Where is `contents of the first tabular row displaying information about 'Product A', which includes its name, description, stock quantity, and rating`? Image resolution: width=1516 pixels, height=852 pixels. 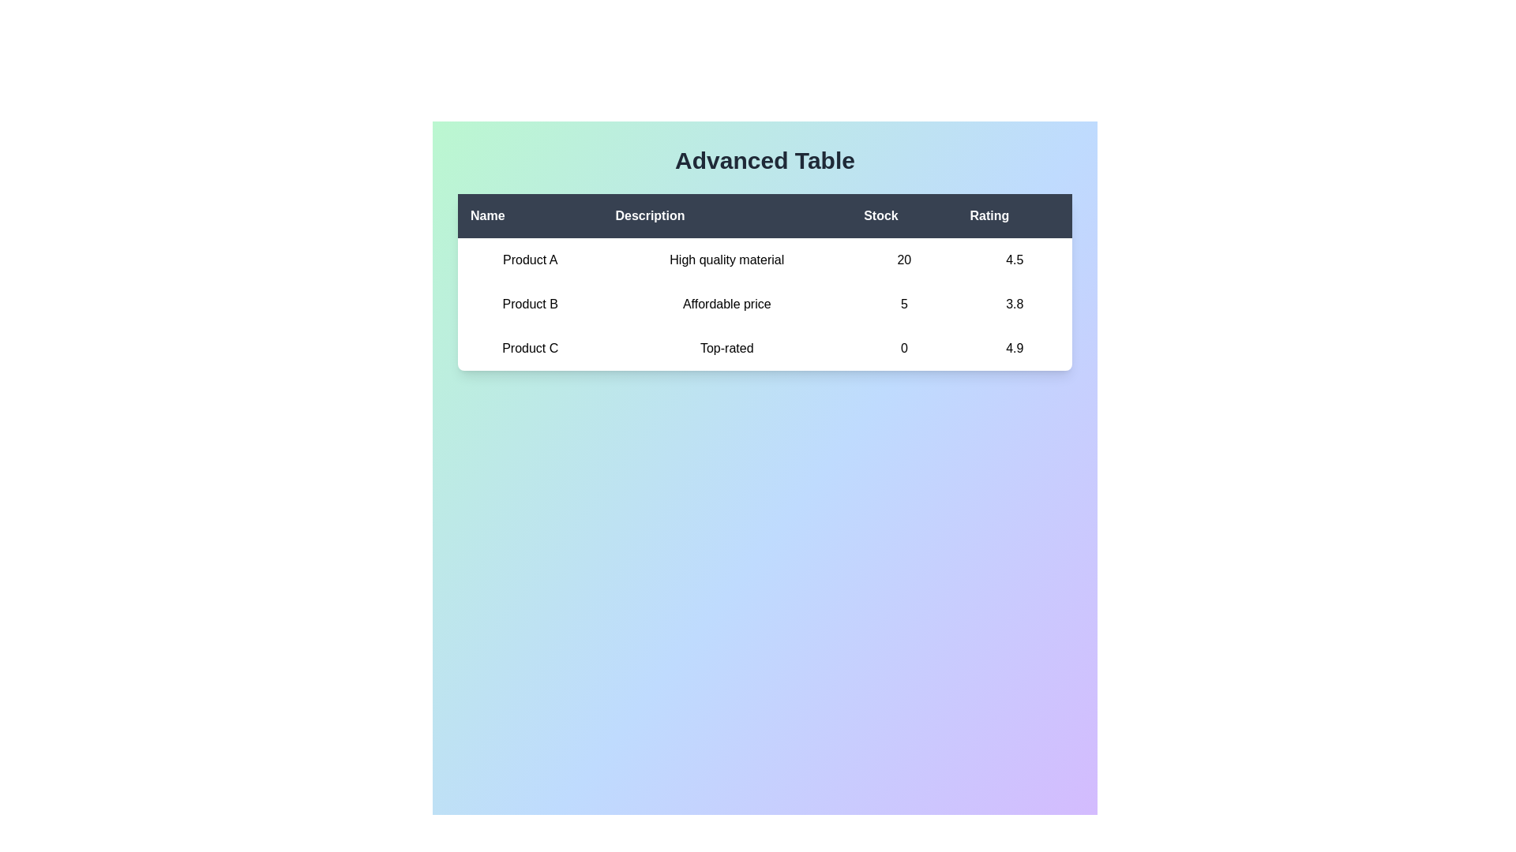 contents of the first tabular row displaying information about 'Product A', which includes its name, description, stock quantity, and rating is located at coordinates (765, 260).